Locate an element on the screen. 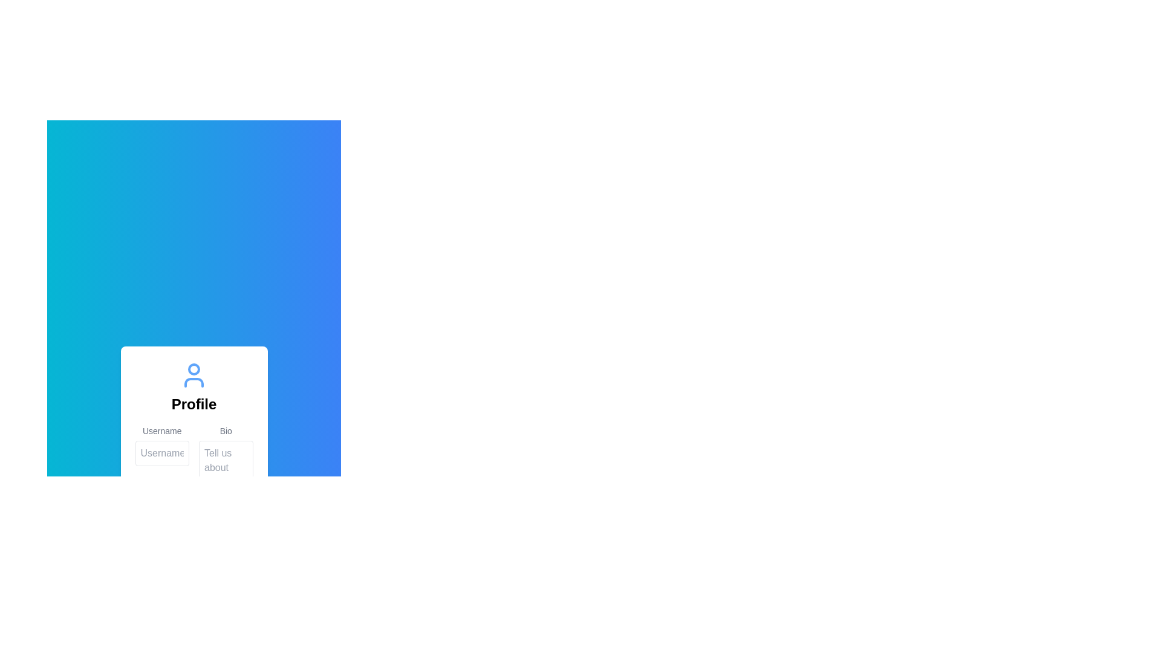 The width and height of the screenshot is (1161, 653). the 'Profile' static text element, which is displayed in bold, large font, centered within a white card layout against a blue gradient background is located at coordinates (194, 404).